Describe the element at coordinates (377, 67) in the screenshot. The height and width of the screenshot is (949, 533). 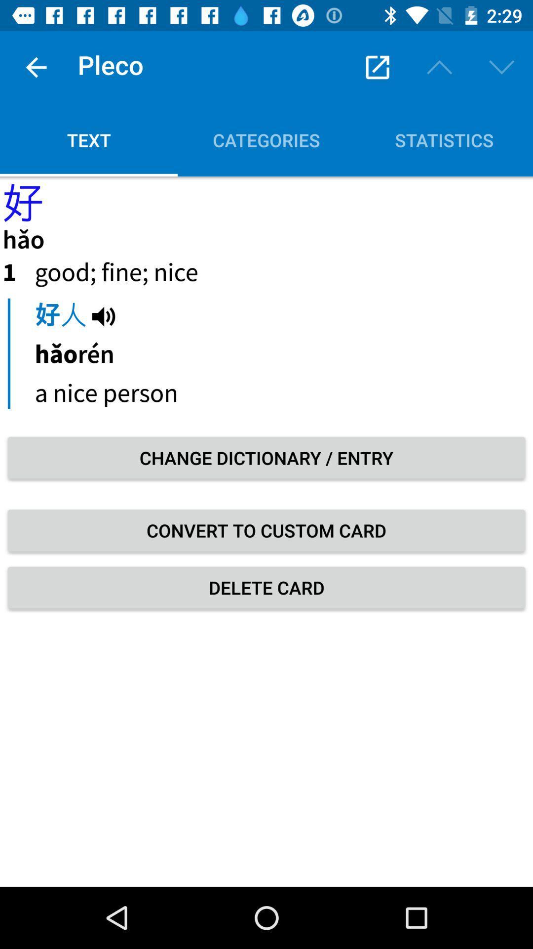
I see `the first icon right to pleco` at that location.